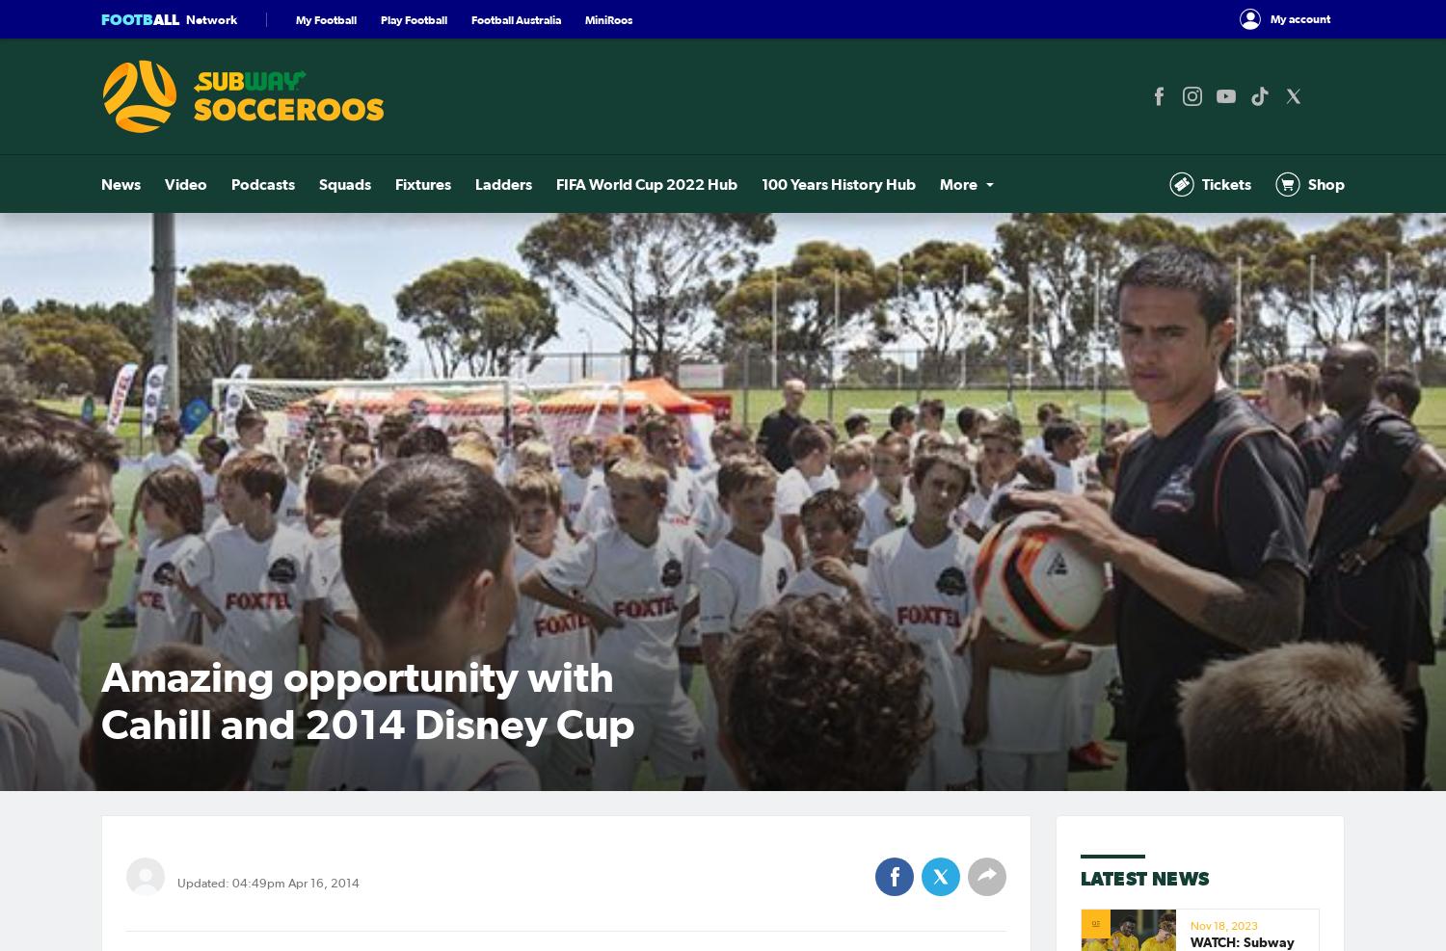 This screenshot has height=951, width=1446. I want to click on 'footb', so click(127, 18).